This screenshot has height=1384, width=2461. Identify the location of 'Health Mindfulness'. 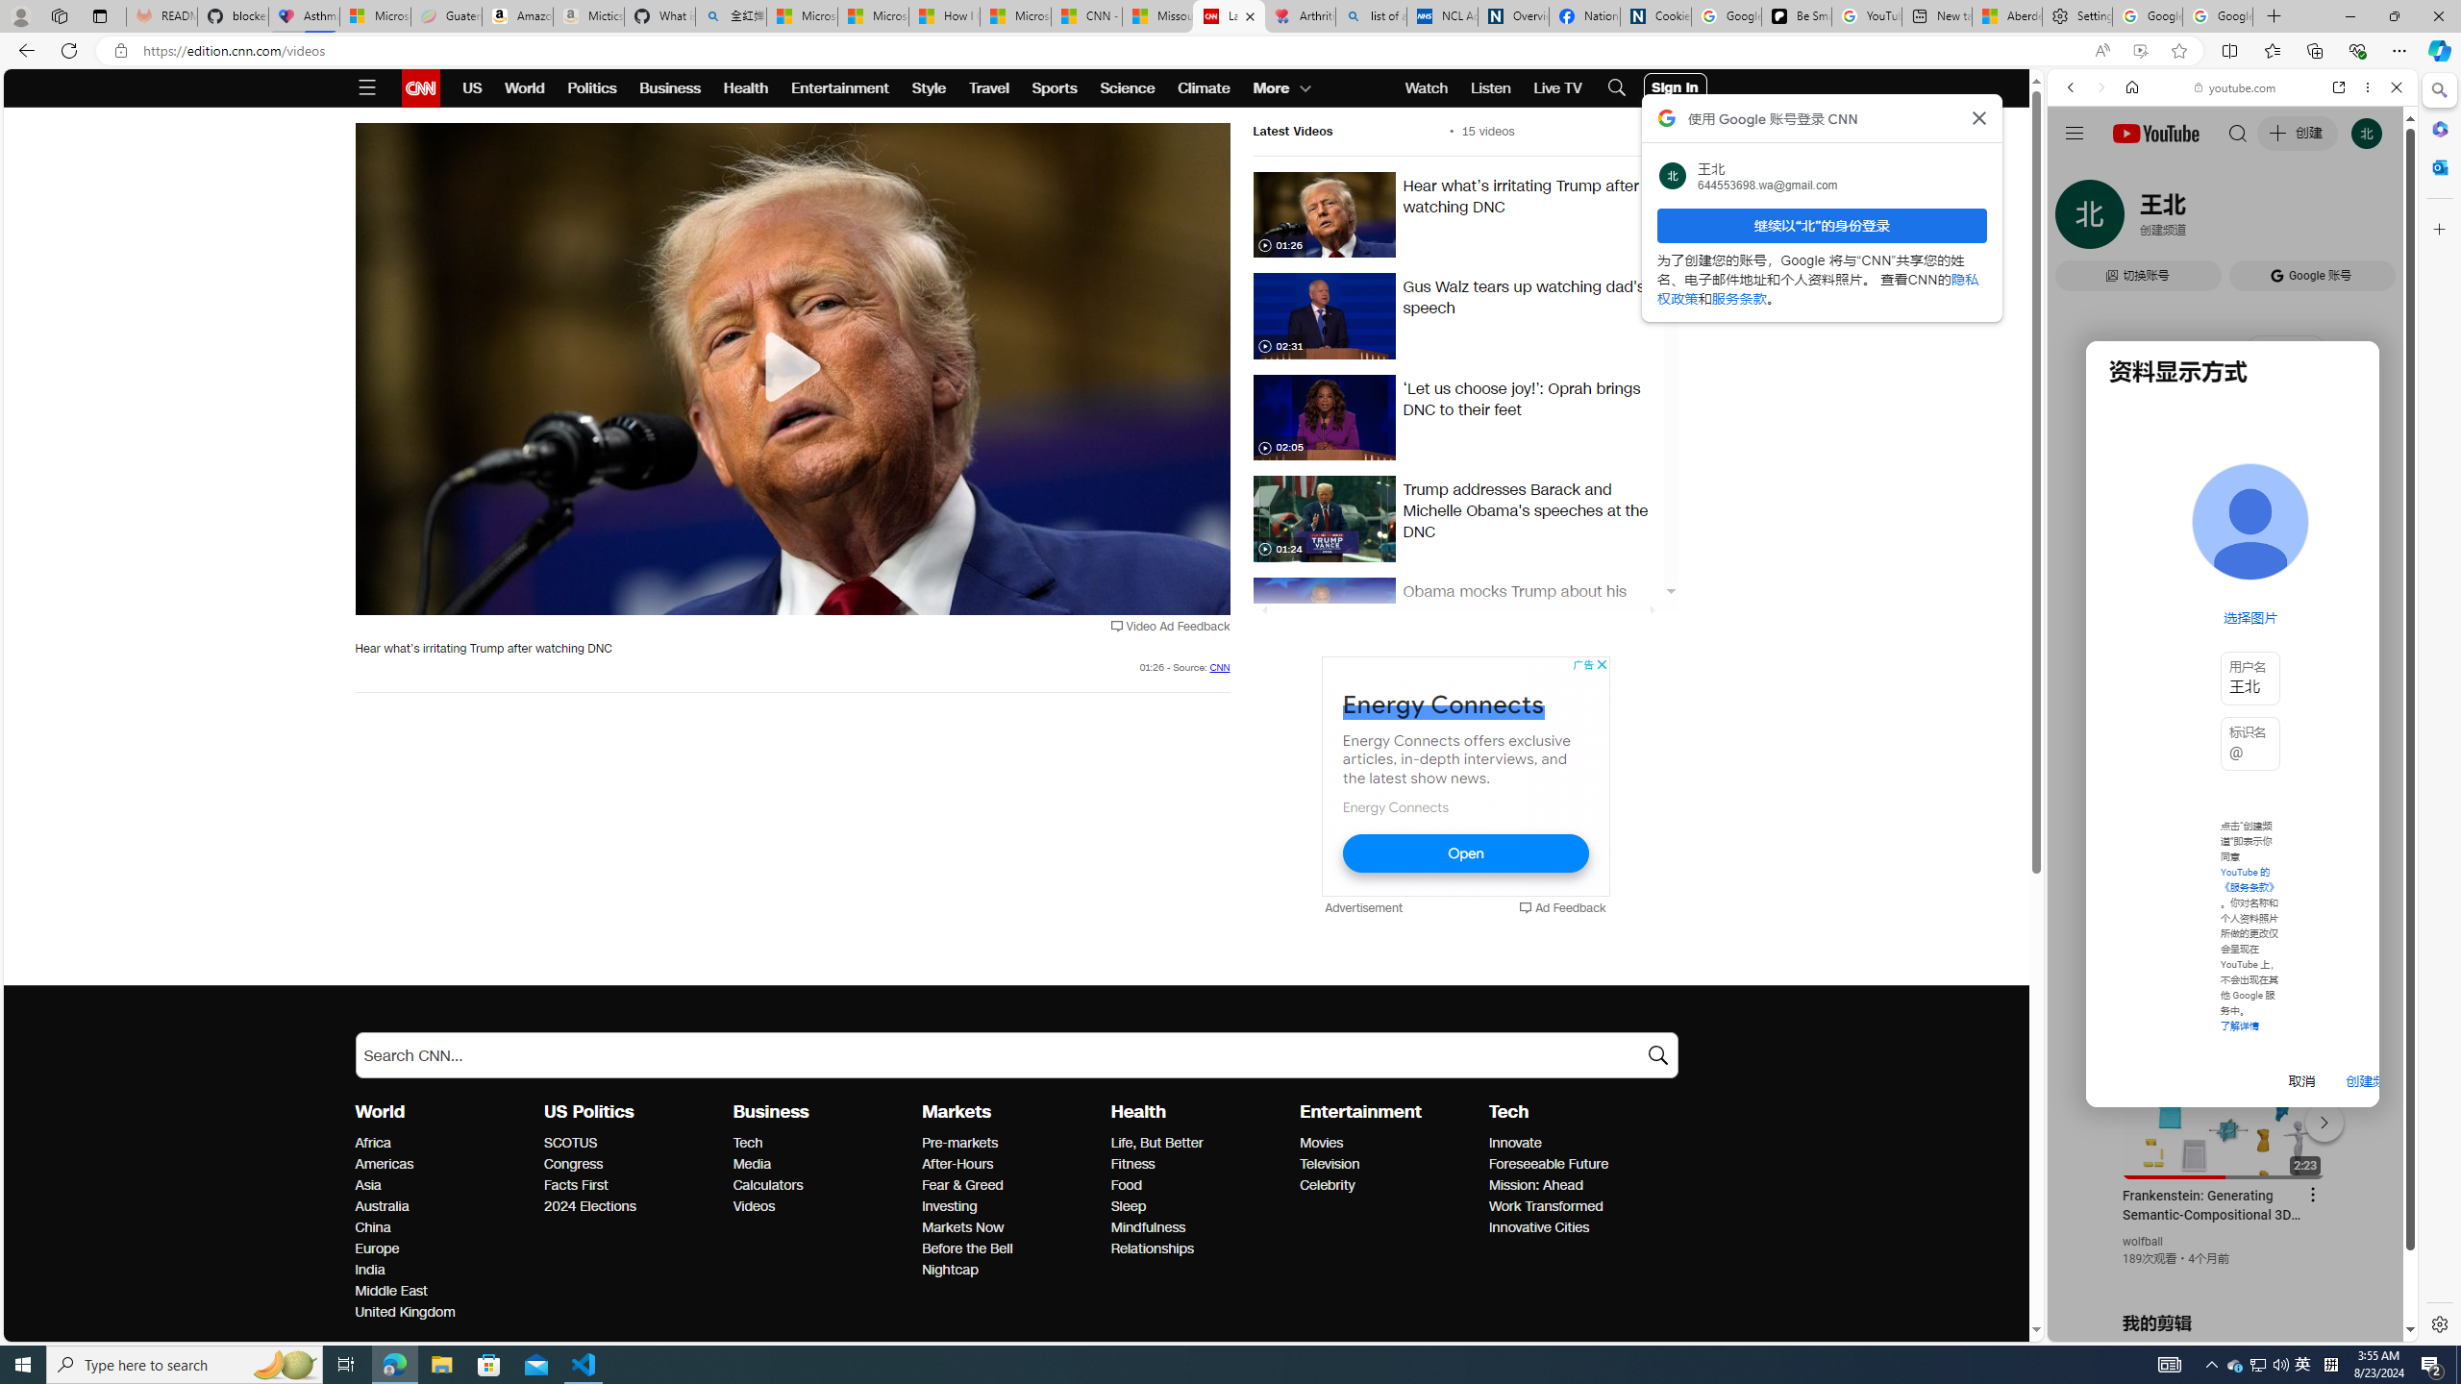
(1148, 1228).